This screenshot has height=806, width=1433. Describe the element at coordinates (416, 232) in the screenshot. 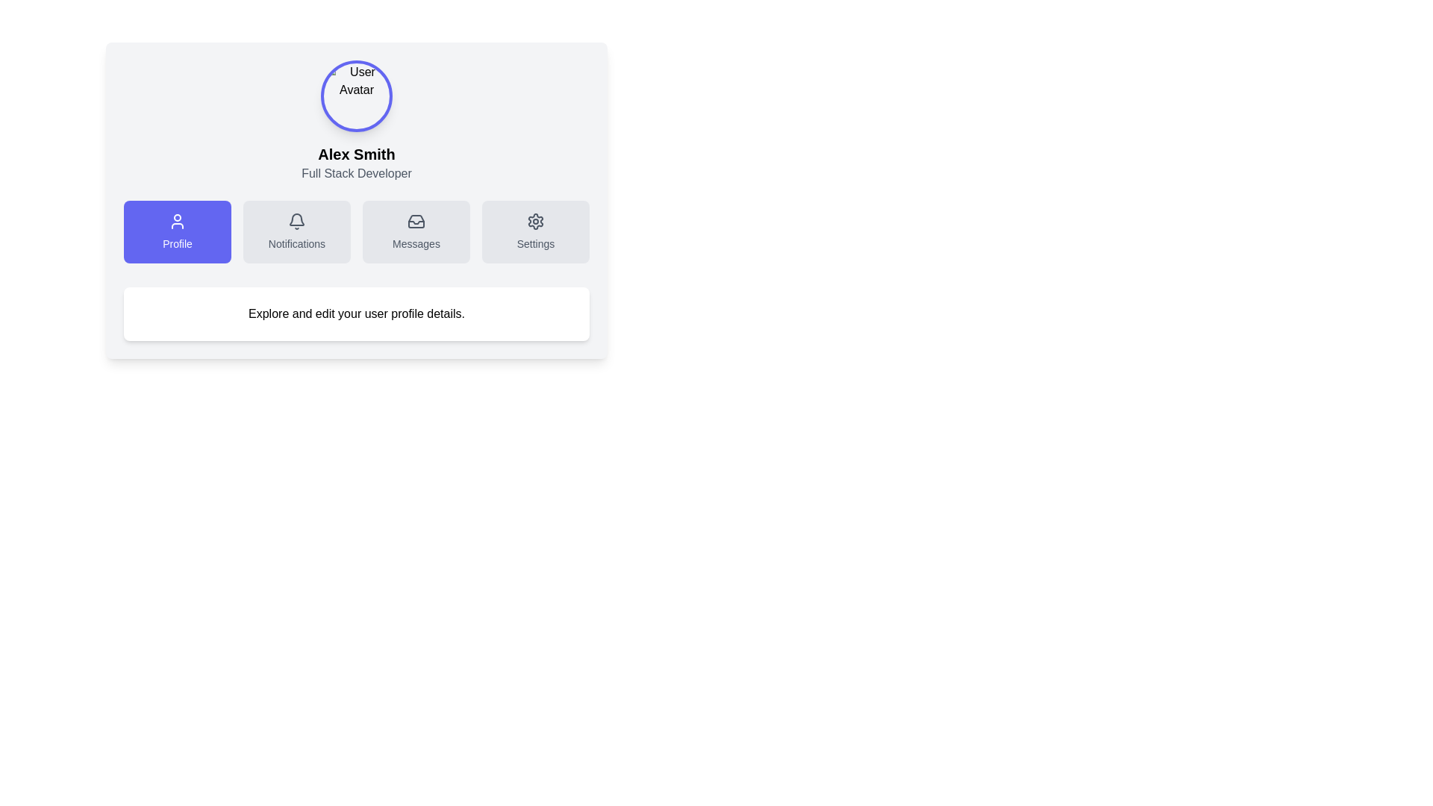

I see `the 'Messages' navigation button to observe a background color change` at that location.